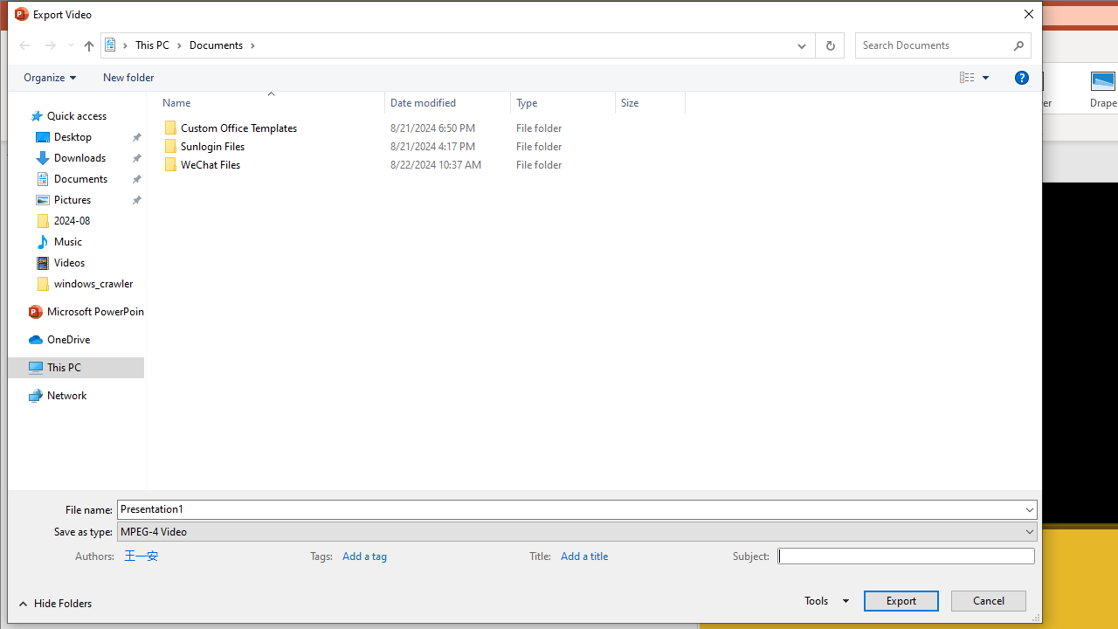  Describe the element at coordinates (45, 44) in the screenshot. I see `'Navigation buttons'` at that location.